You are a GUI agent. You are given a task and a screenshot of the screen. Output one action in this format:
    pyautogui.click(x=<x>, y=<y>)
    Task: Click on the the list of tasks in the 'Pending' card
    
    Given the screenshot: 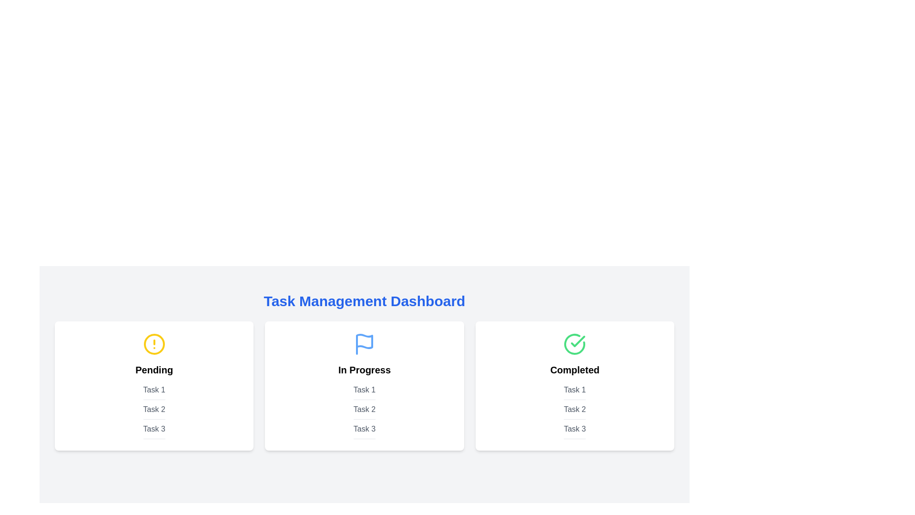 What is the action you would take?
    pyautogui.click(x=154, y=411)
    